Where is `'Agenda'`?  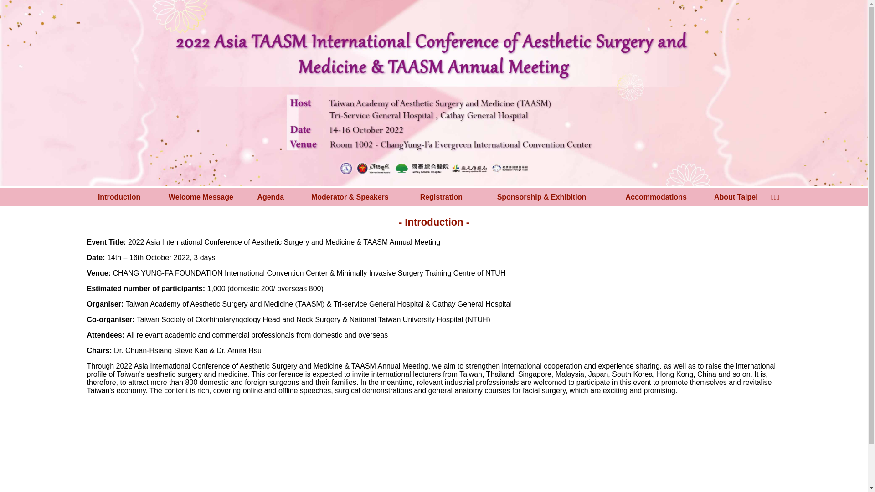 'Agenda' is located at coordinates (270, 196).